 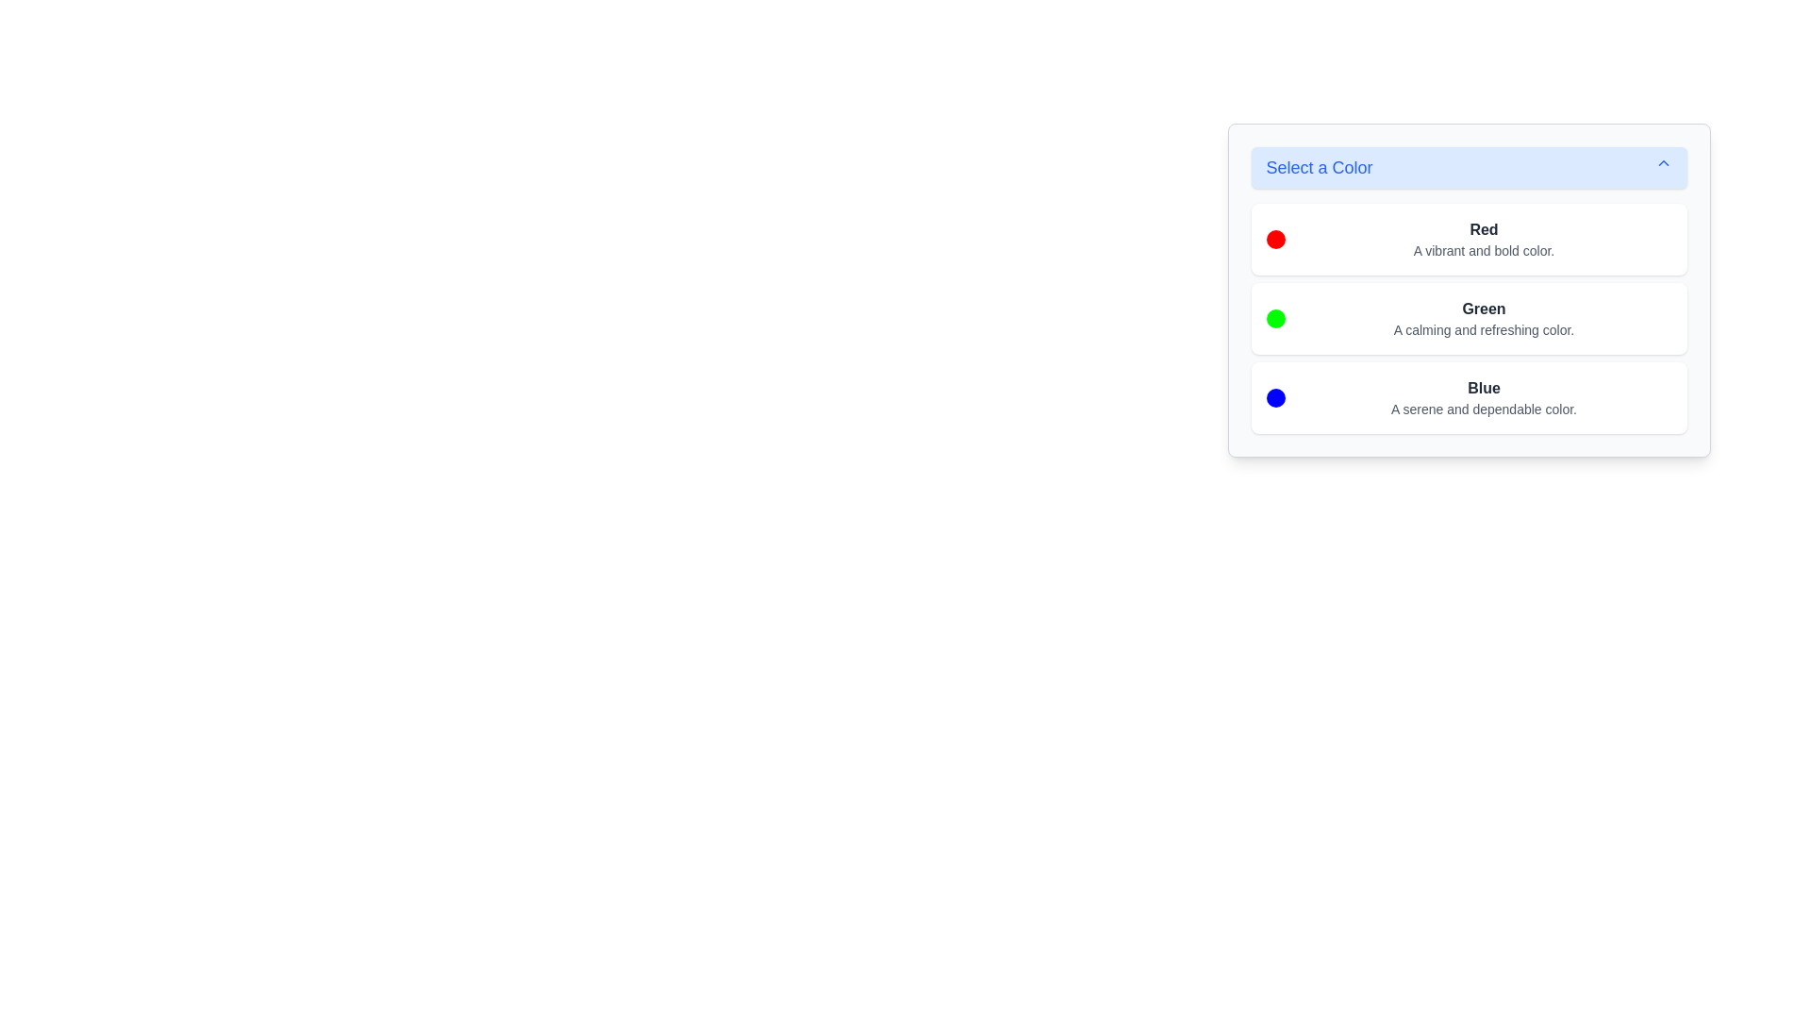 What do you see at coordinates (1275, 396) in the screenshot?
I see `the blue visual marker, which is a circular bullet in the list item containing the text 'Blue' and the description 'A serene and dependable color.'` at bounding box center [1275, 396].